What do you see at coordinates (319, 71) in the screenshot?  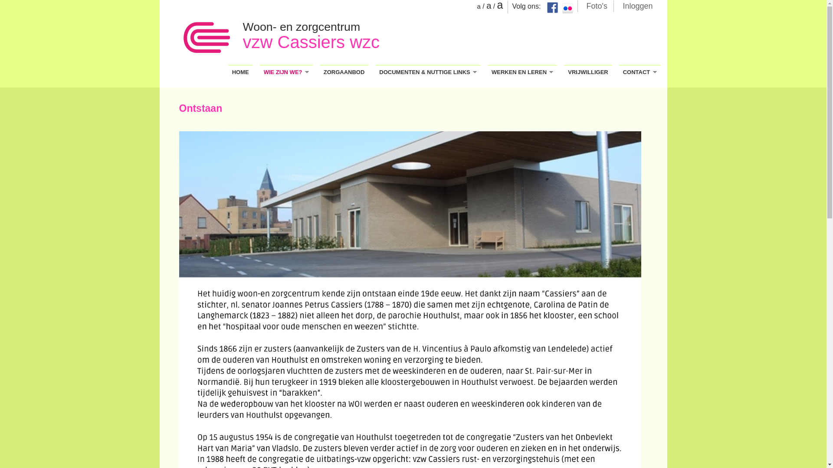 I see `'ZORGAANBOD'` at bounding box center [319, 71].